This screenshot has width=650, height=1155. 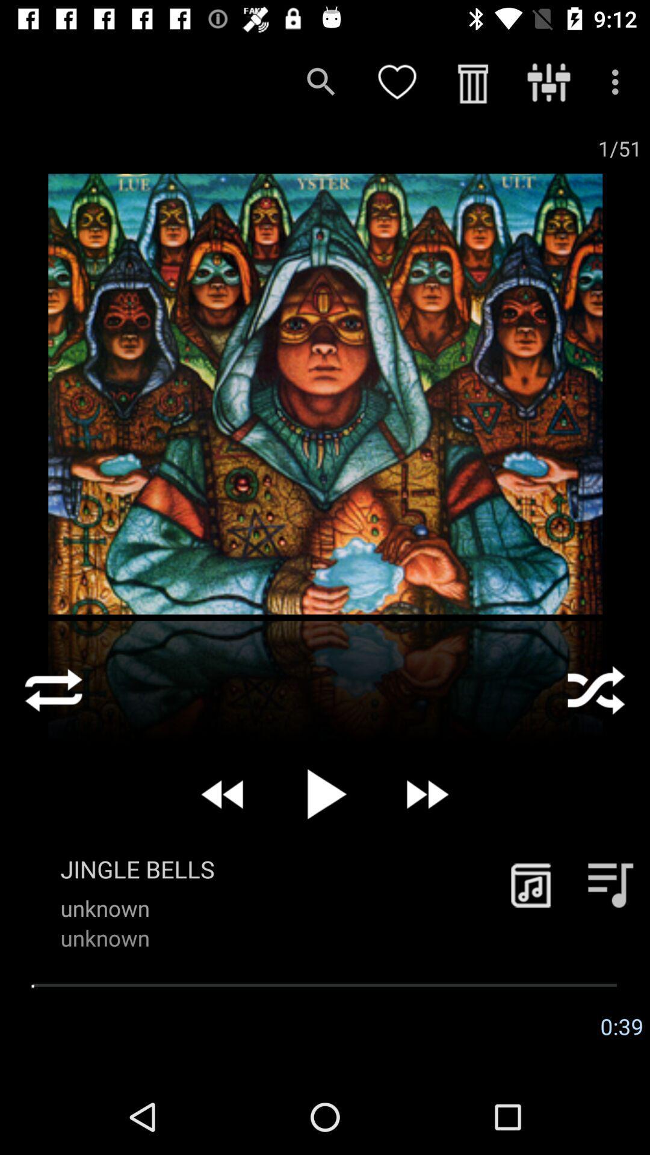 I want to click on the av_forward icon, so click(x=426, y=794).